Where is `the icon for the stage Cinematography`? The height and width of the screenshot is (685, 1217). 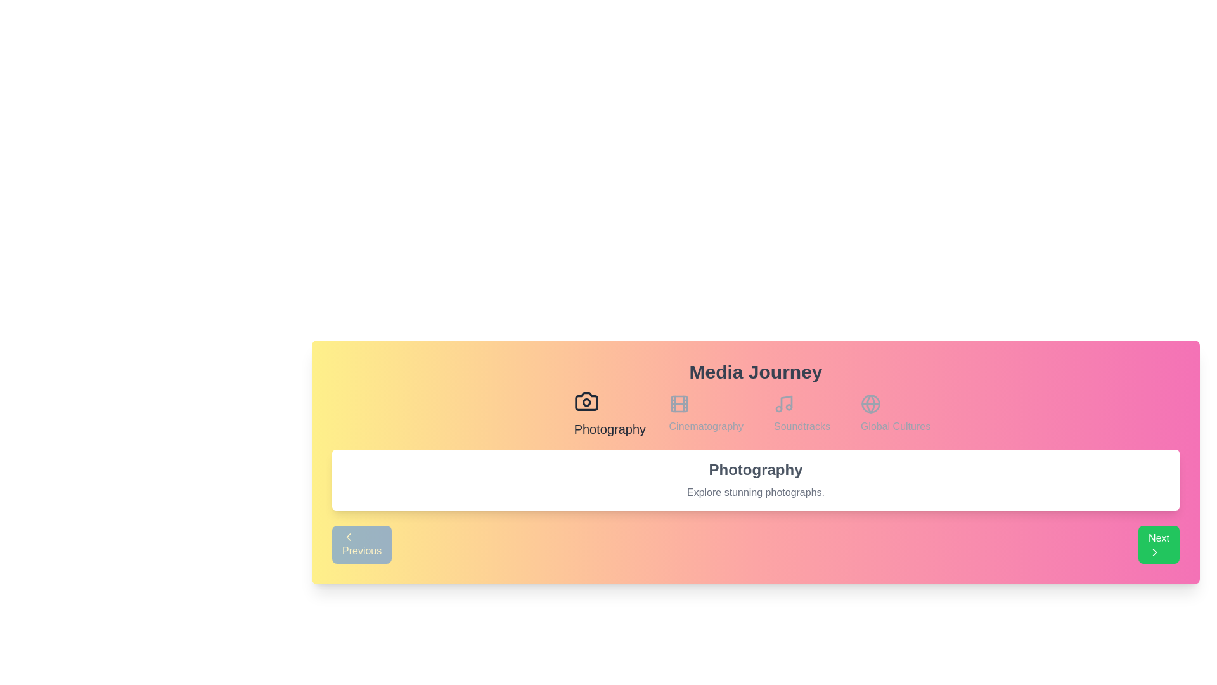
the icon for the stage Cinematography is located at coordinates (705, 414).